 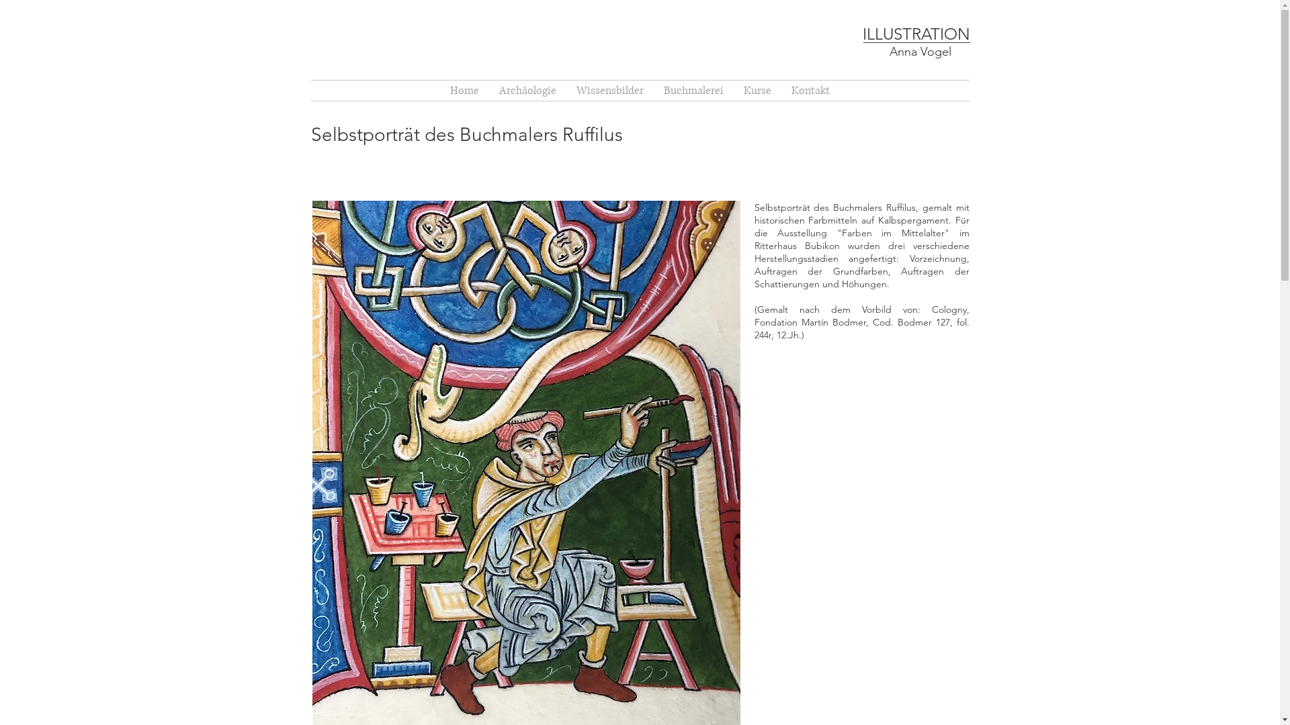 What do you see at coordinates (609, 91) in the screenshot?
I see `'Wissensbilder'` at bounding box center [609, 91].